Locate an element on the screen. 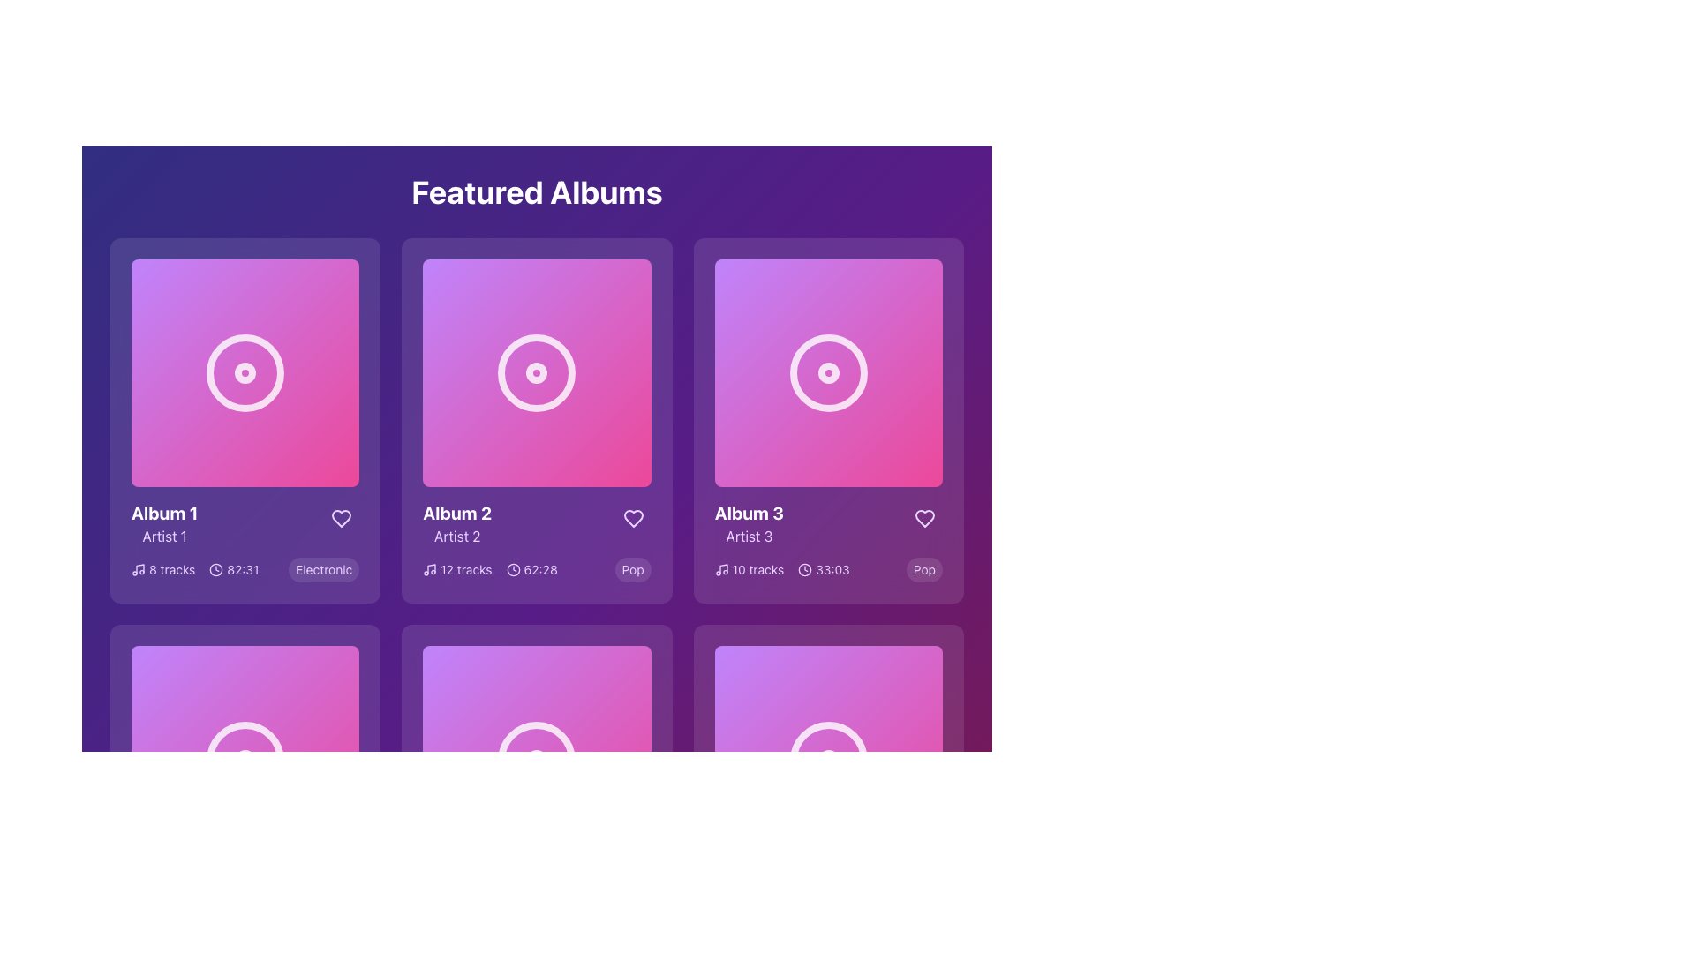 The width and height of the screenshot is (1695, 953). the album card located is located at coordinates (827, 421).